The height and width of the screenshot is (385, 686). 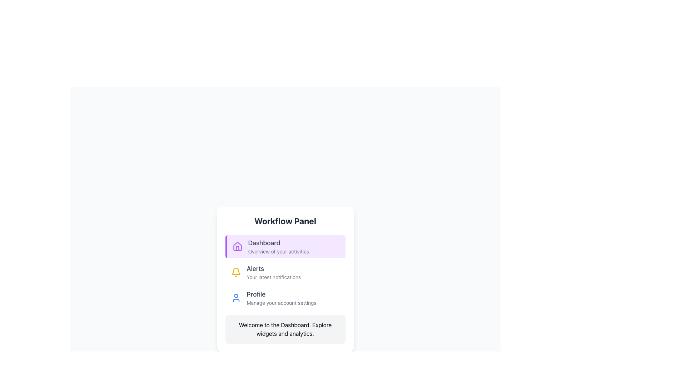 What do you see at coordinates (236, 271) in the screenshot?
I see `the yellow bell icon in the vertical menu` at bounding box center [236, 271].